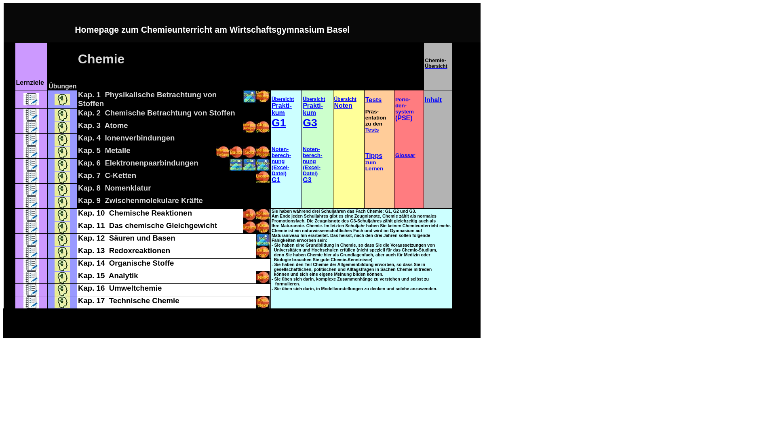 This screenshot has width=776, height=436. Describe the element at coordinates (372, 129) in the screenshot. I see `'Tests'` at that location.